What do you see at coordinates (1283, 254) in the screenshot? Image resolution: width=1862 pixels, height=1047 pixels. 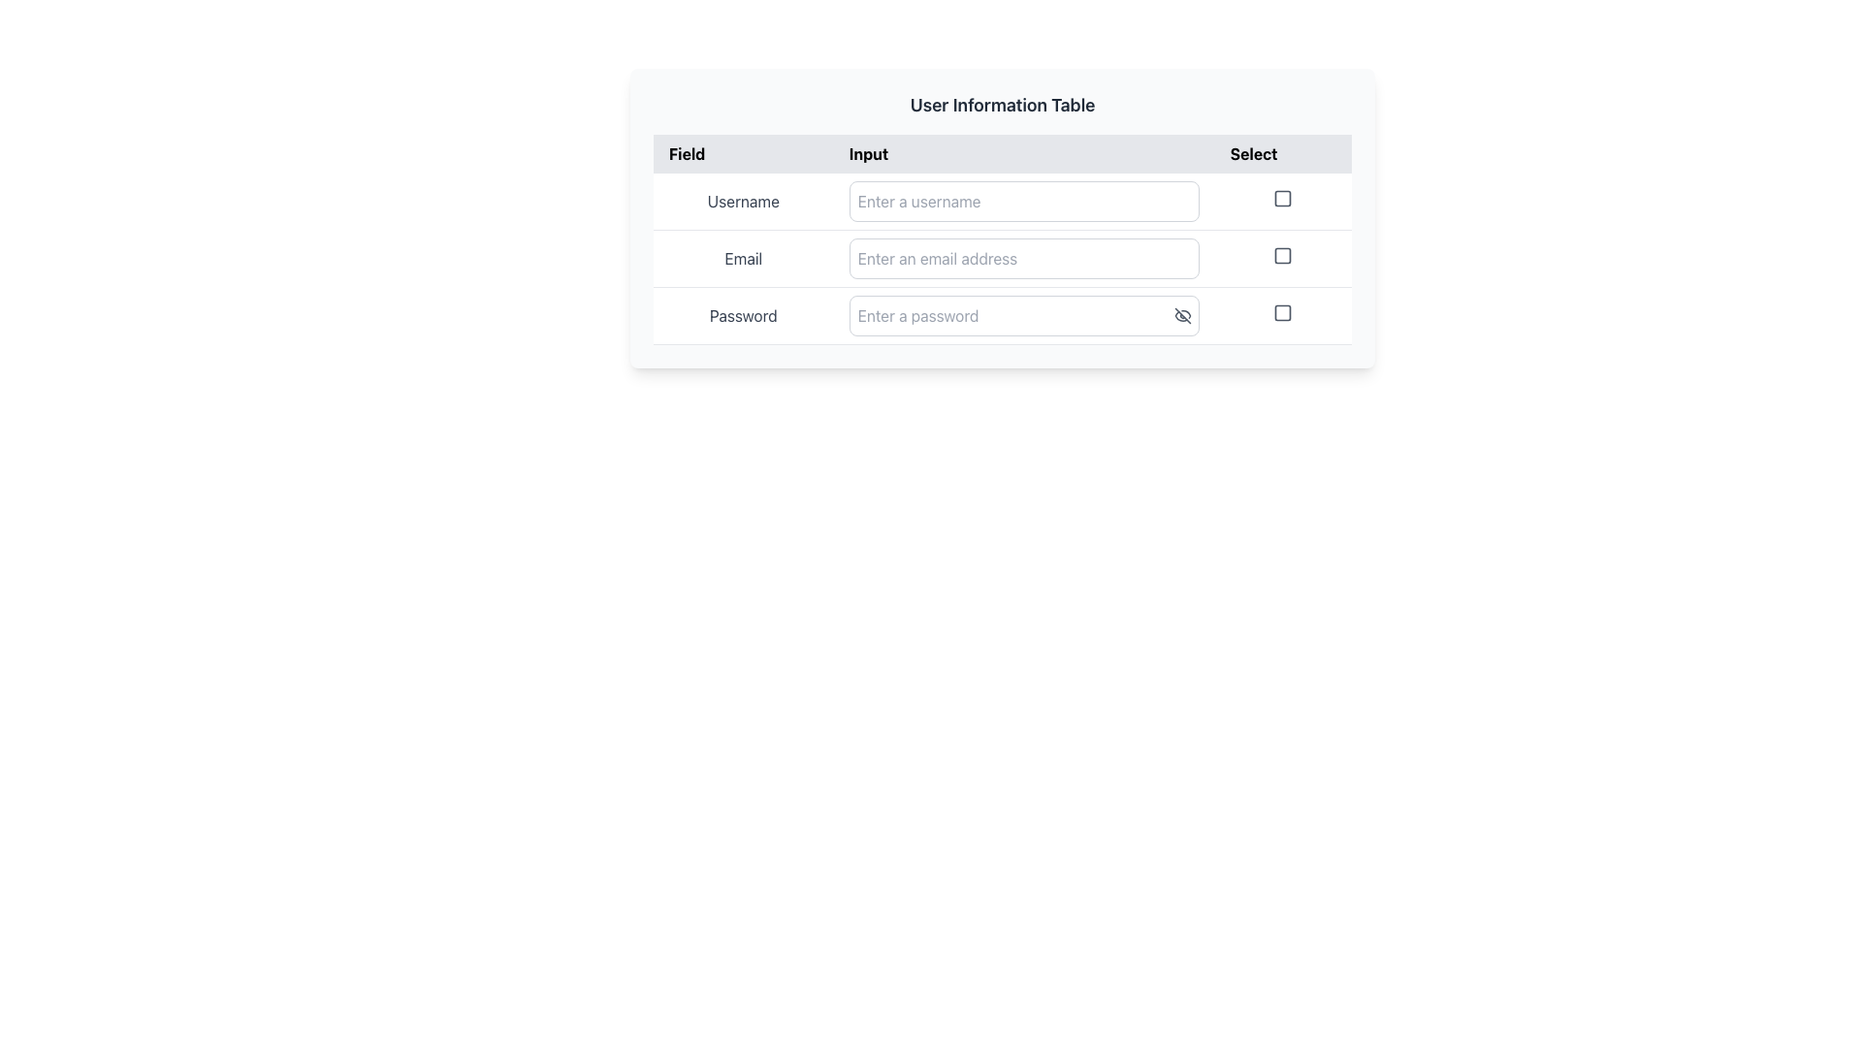 I see `the checkbox located in the 'Select' column of the 'User Information Table', aligned with the 'Email' row` at bounding box center [1283, 254].